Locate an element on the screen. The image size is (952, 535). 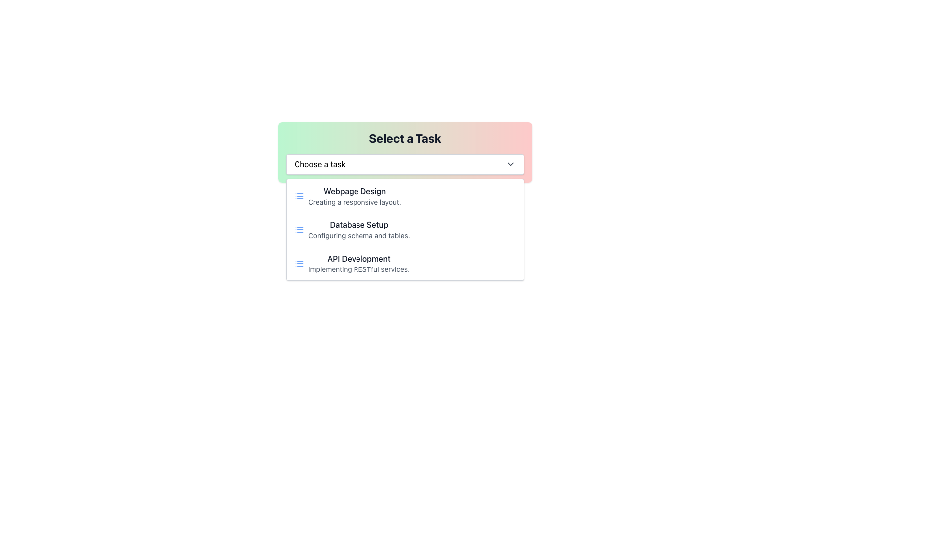
the 'Webpage Design' task title in the dropdown menu, which is the first item under 'Select a Task' is located at coordinates (355, 191).